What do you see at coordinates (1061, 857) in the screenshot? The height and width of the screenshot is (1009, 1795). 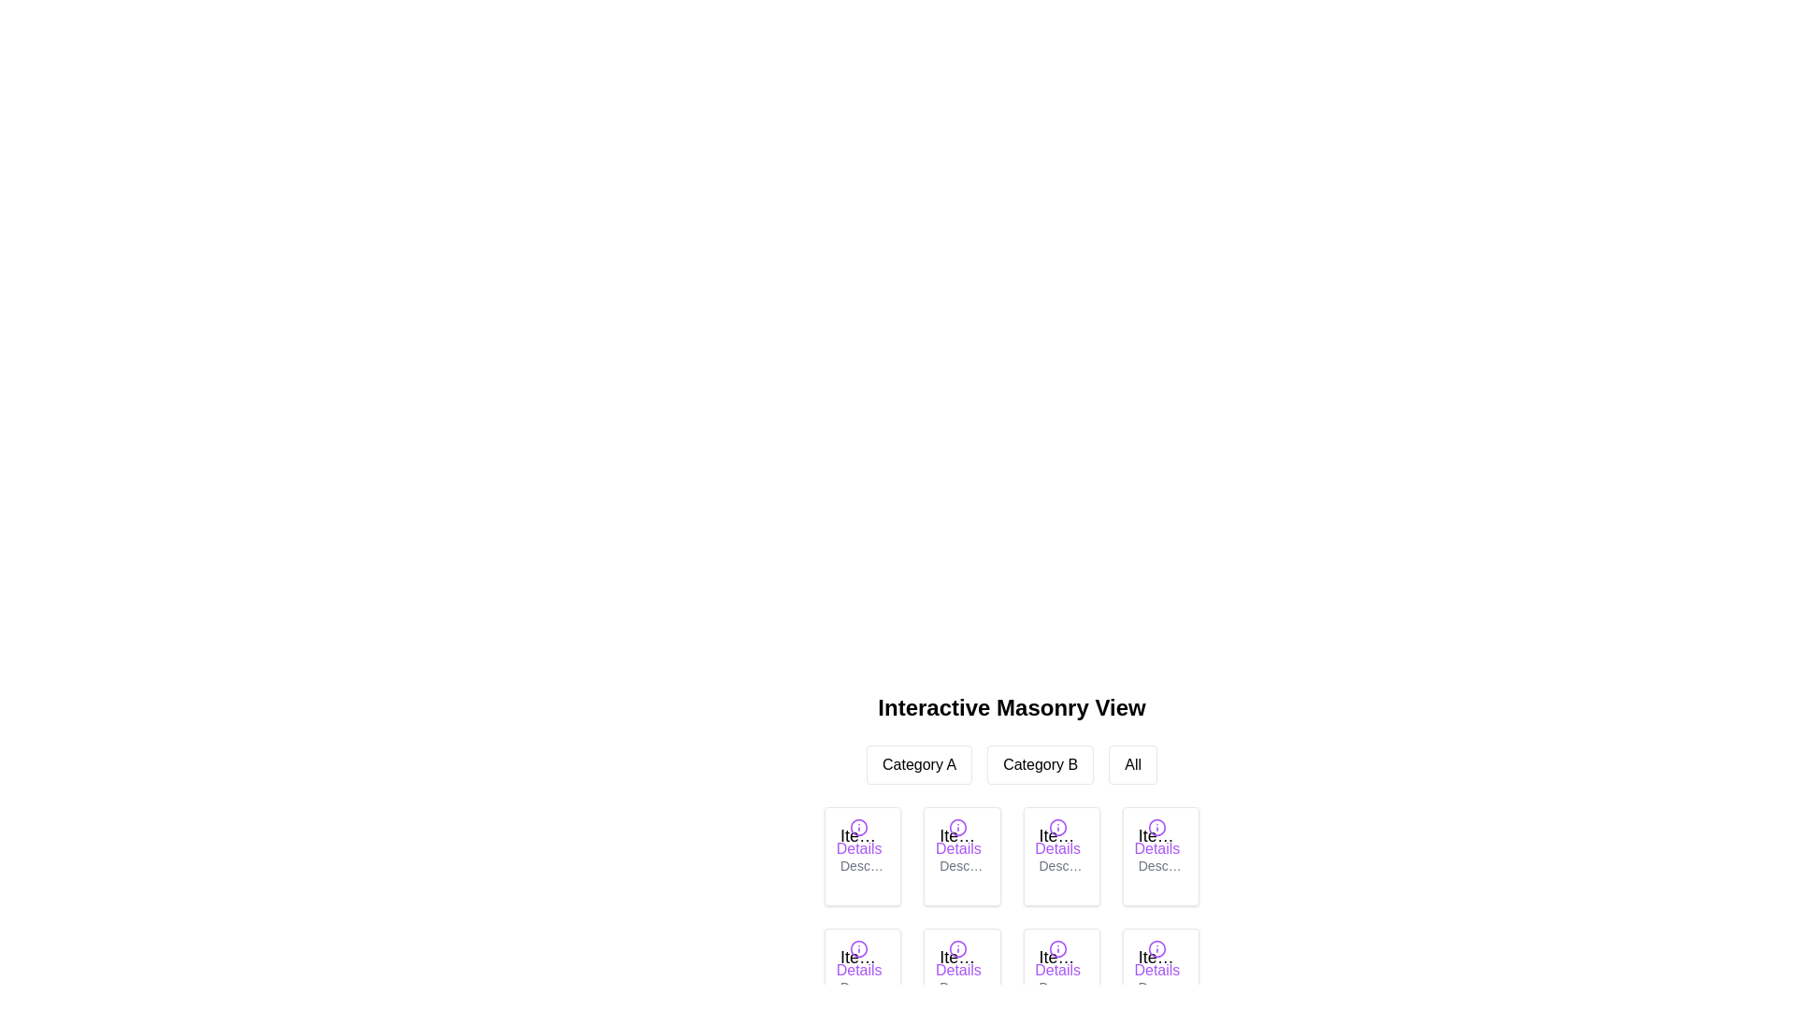 I see `title and description of the third card in the grid layout, which provides a preview of an item and includes a 'Details' link` at bounding box center [1061, 857].